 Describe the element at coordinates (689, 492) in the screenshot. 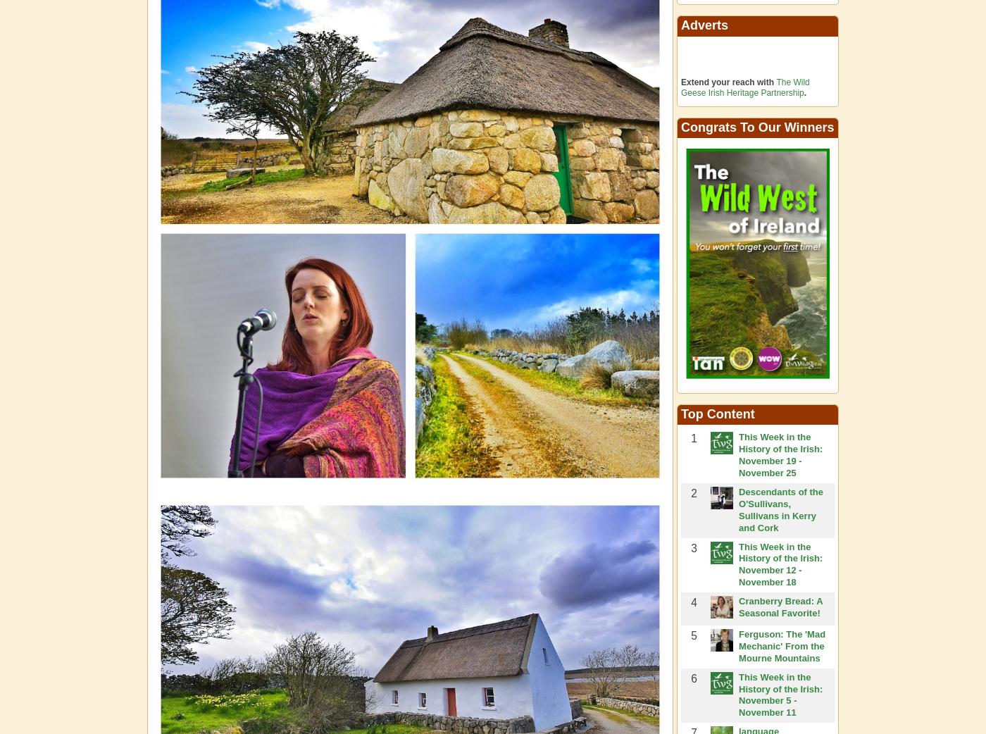

I see `'2'` at that location.